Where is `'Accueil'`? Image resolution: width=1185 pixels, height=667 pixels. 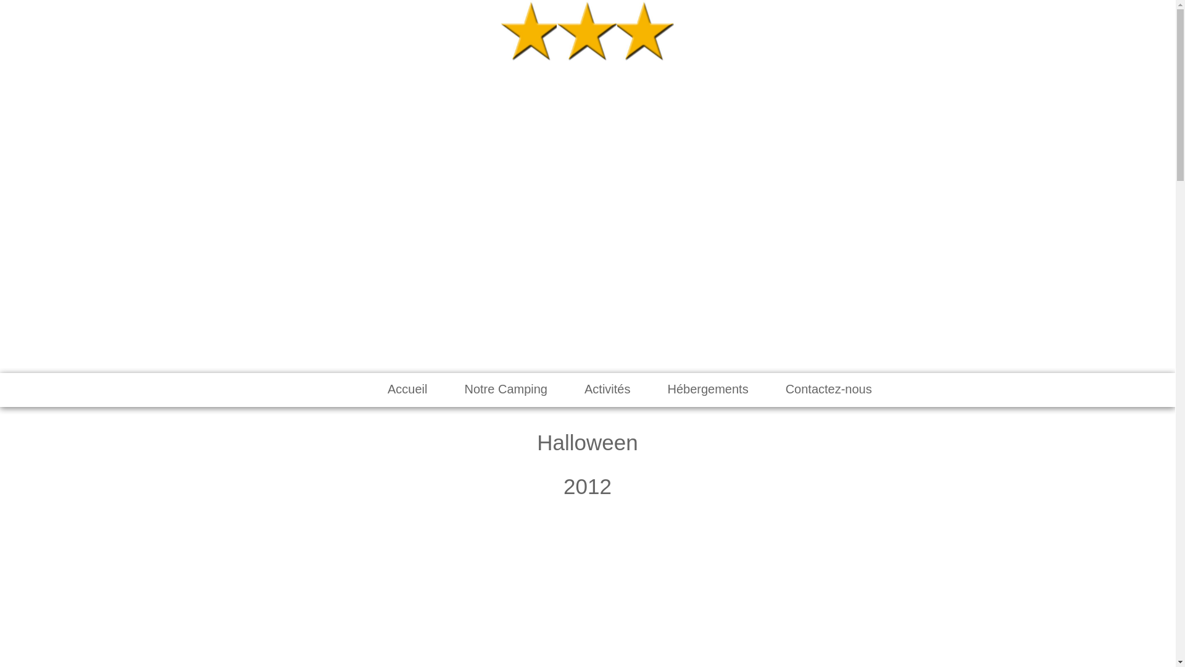 'Accueil' is located at coordinates (407, 389).